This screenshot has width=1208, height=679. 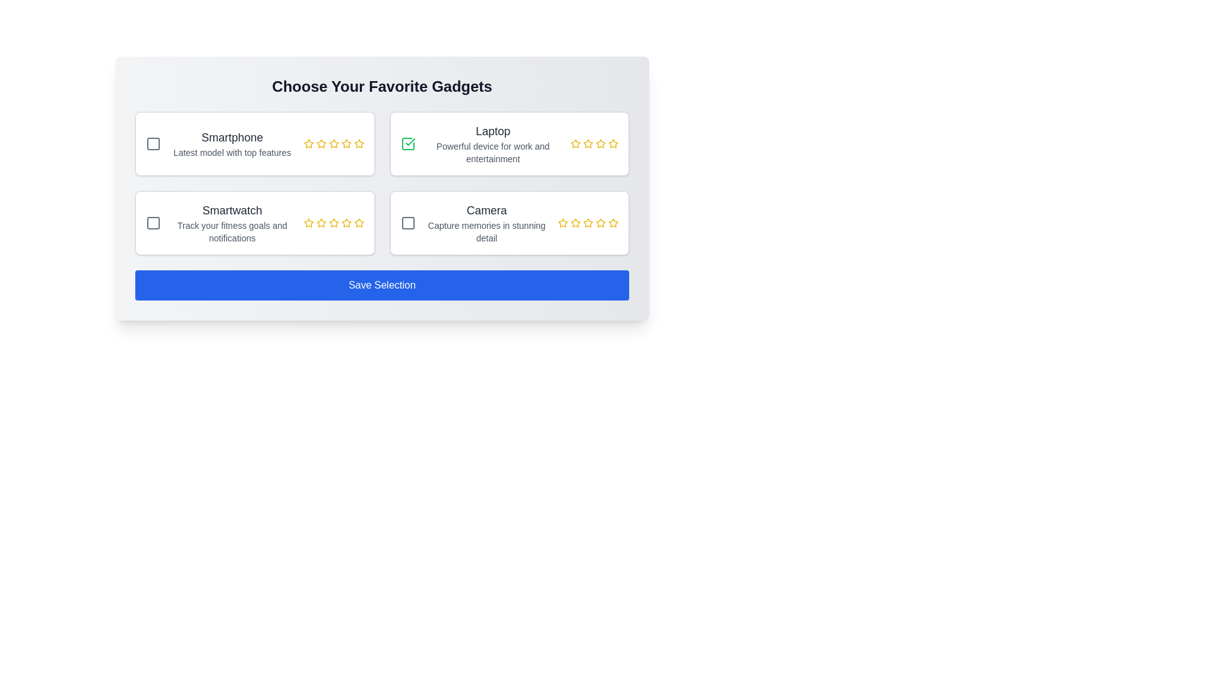 What do you see at coordinates (575, 143) in the screenshot?
I see `the second star-shaped rating icon in gold color for the 'Laptop' option` at bounding box center [575, 143].